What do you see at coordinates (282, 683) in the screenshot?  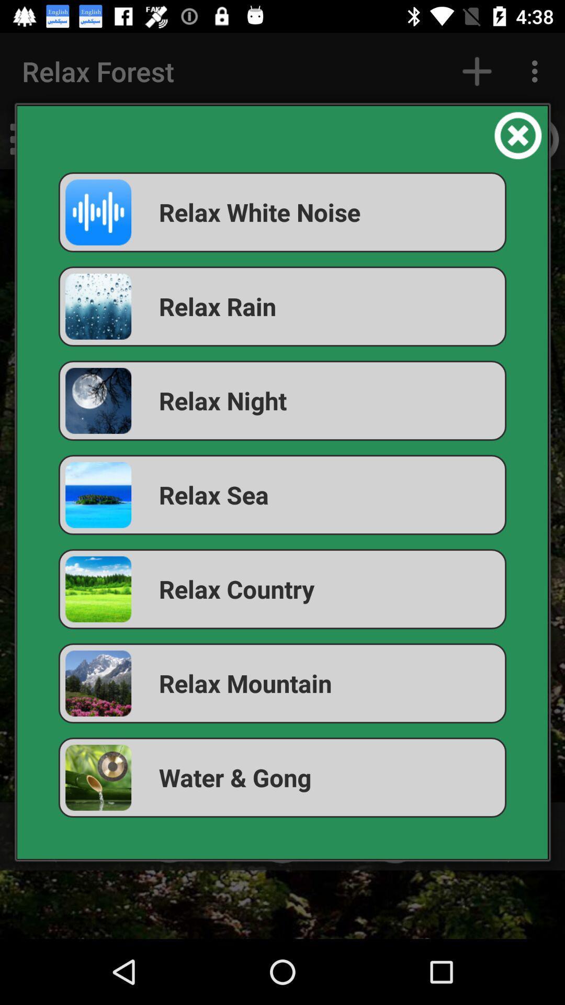 I see `the item below the relax country app` at bounding box center [282, 683].